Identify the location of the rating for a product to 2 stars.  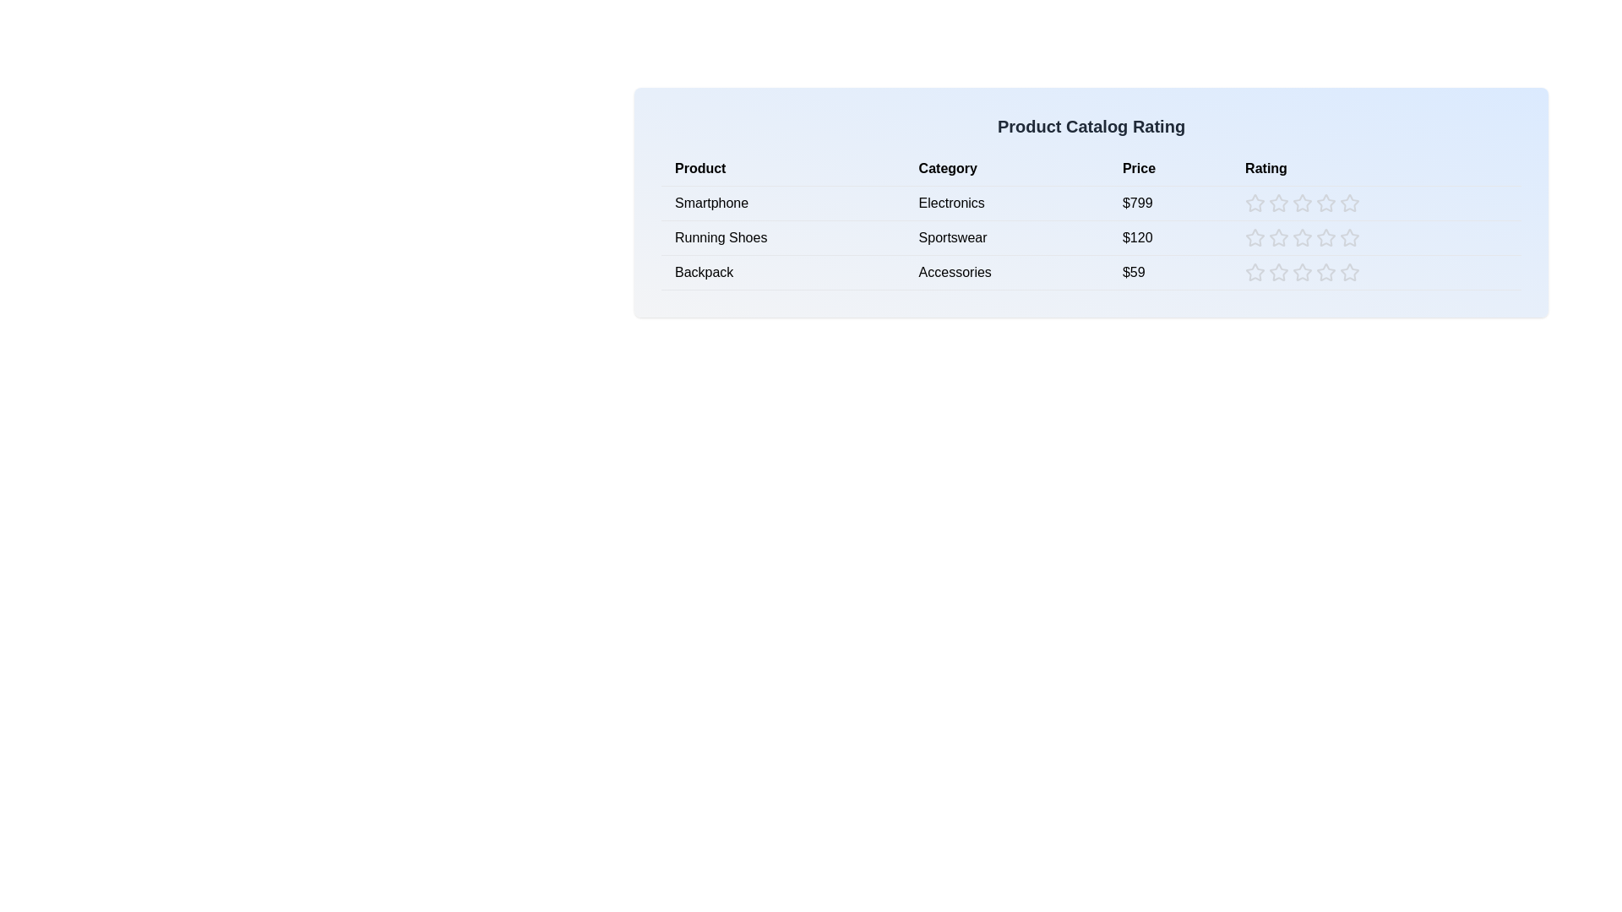
(1279, 202).